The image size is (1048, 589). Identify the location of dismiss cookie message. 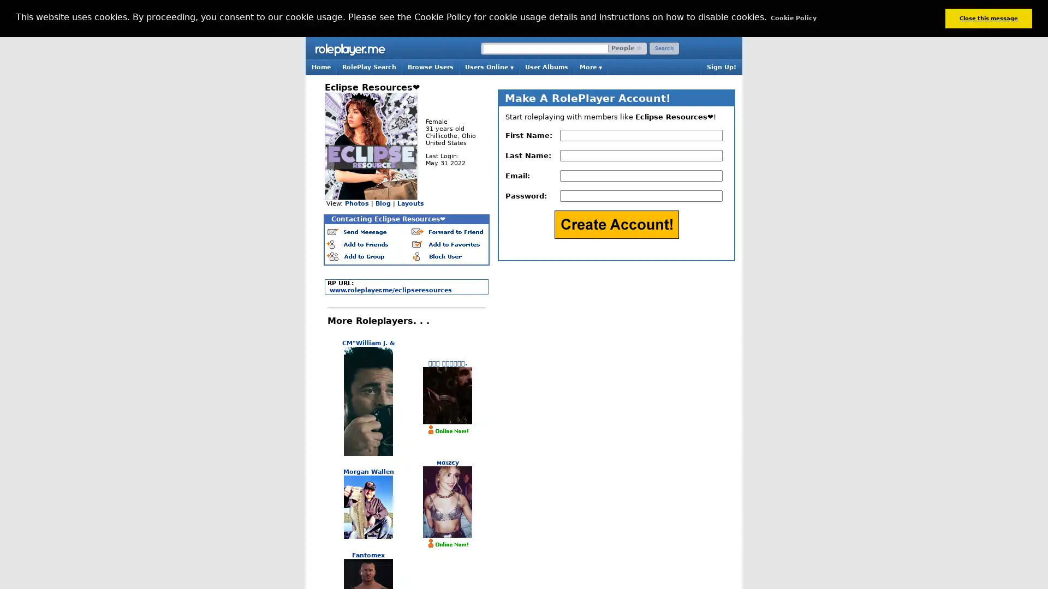
(988, 18).